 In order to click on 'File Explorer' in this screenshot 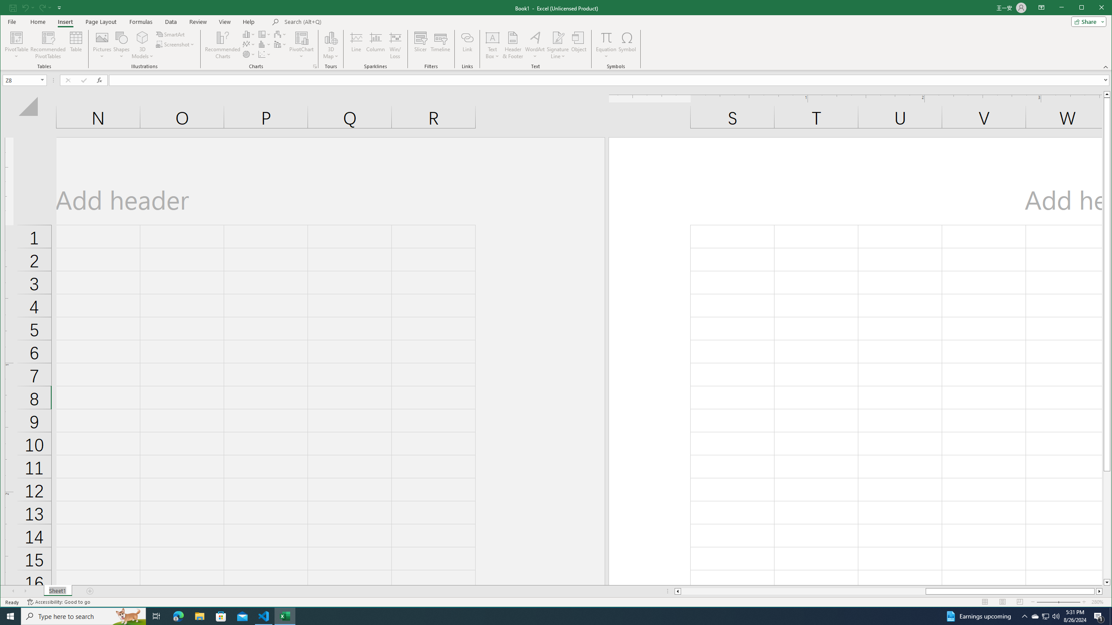, I will do `click(199, 615)`.